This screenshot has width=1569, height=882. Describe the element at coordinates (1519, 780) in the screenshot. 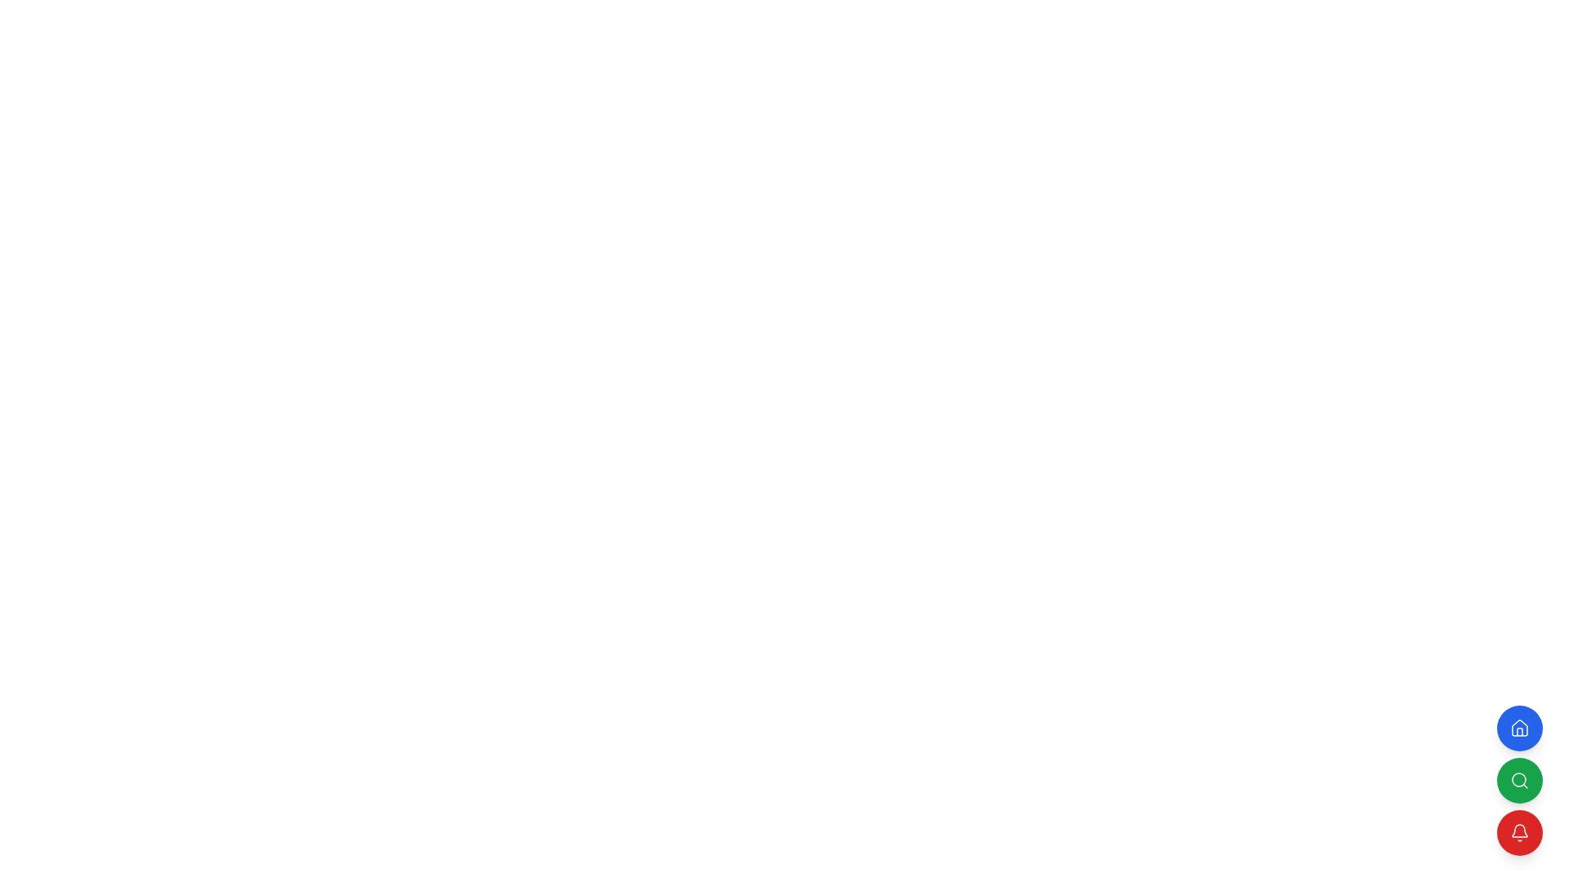

I see `the magnifying glass icon within the green circular button` at that location.